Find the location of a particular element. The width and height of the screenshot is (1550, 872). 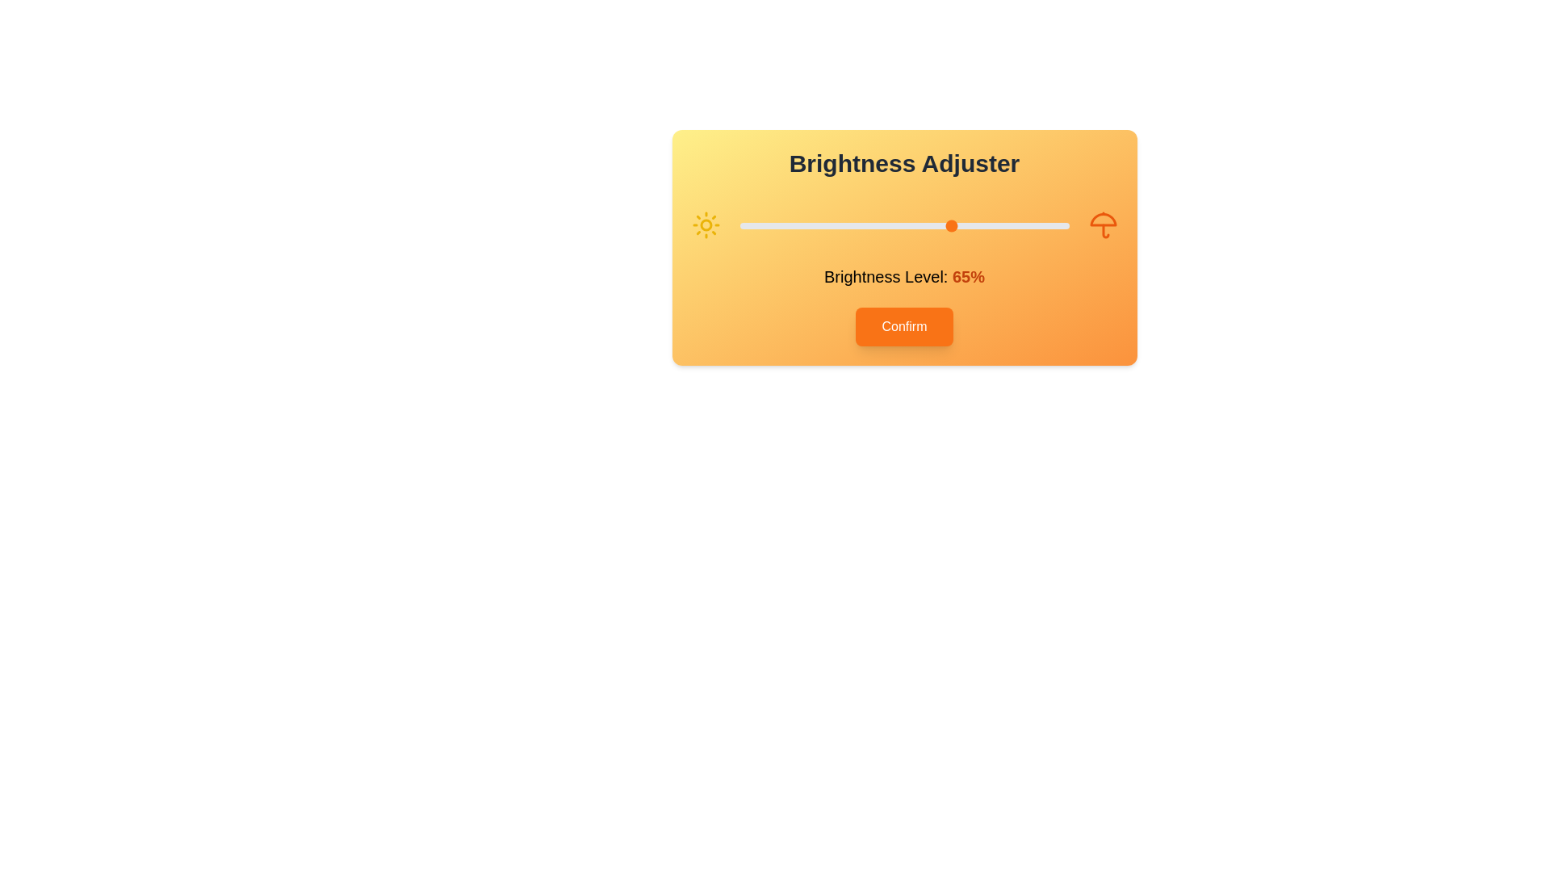

the brightness level to 56% by moving the slider is located at coordinates (924, 226).